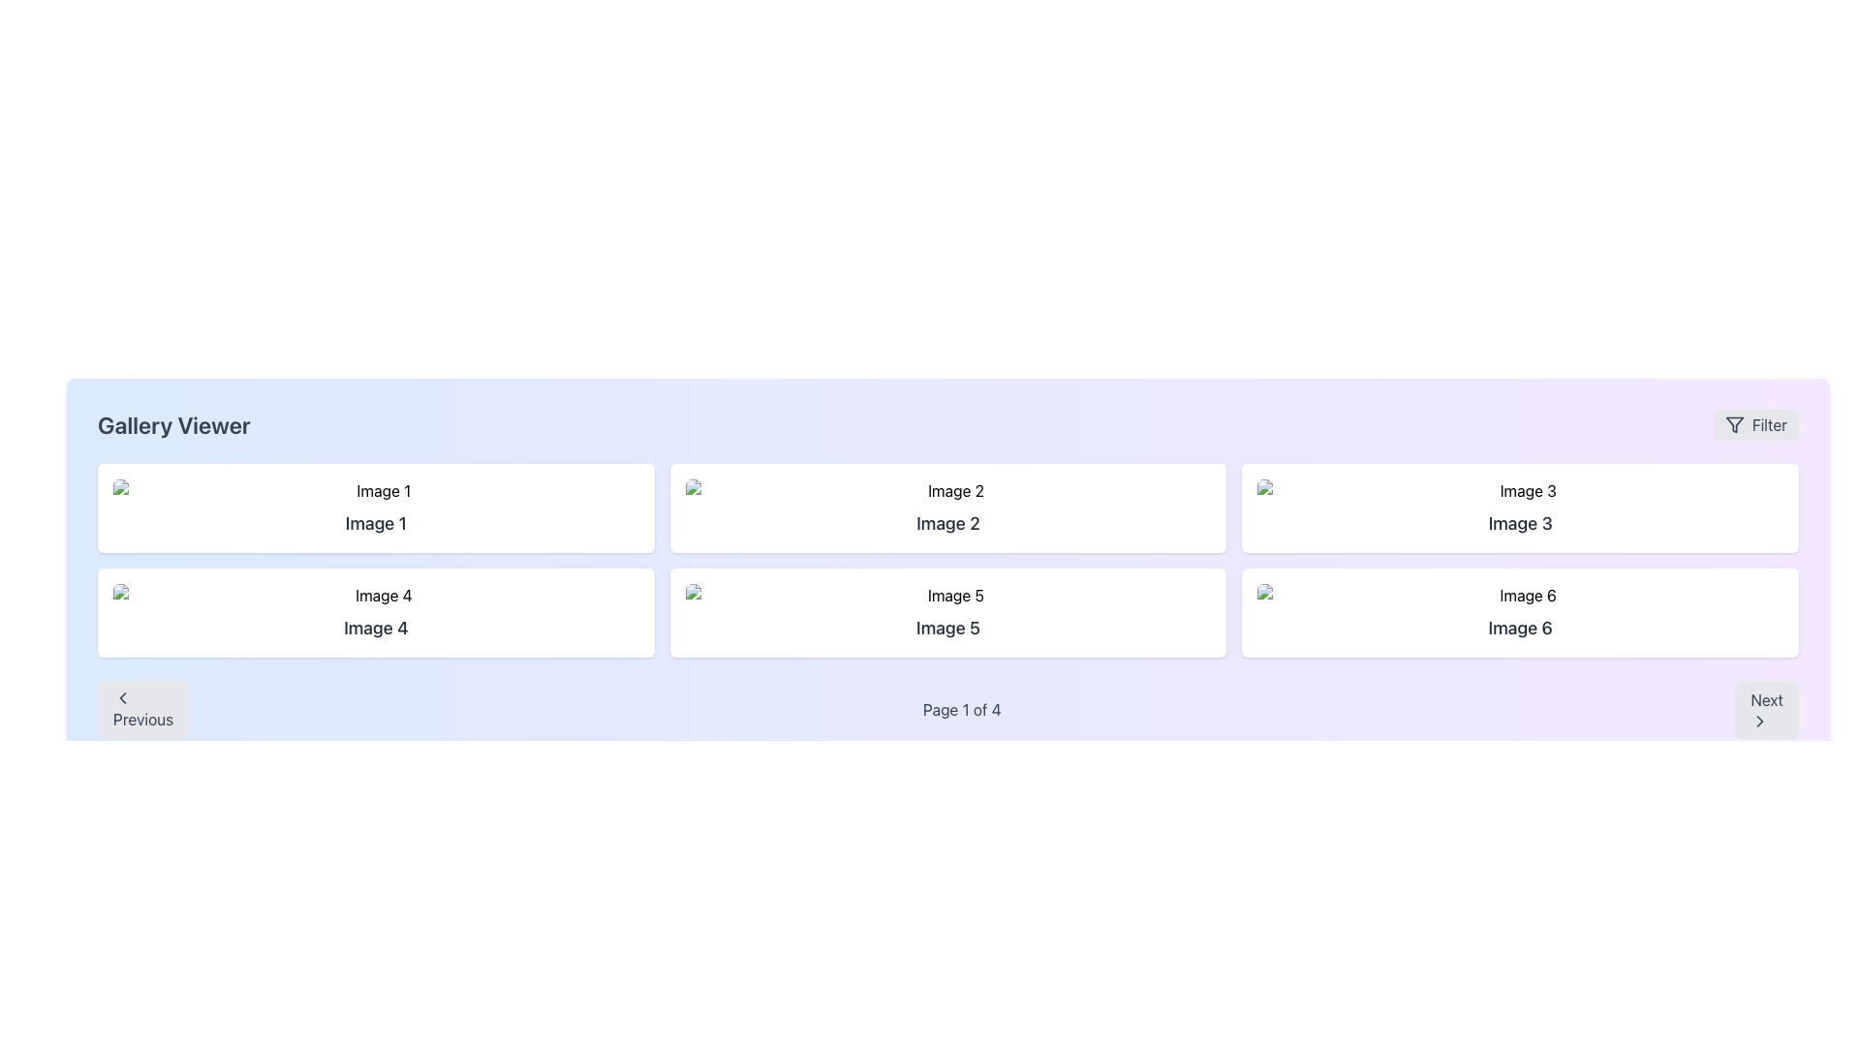  I want to click on the left-pointing chevron icon within the 'Previous' button, located at the lower-left region of the interface, so click(121, 698).